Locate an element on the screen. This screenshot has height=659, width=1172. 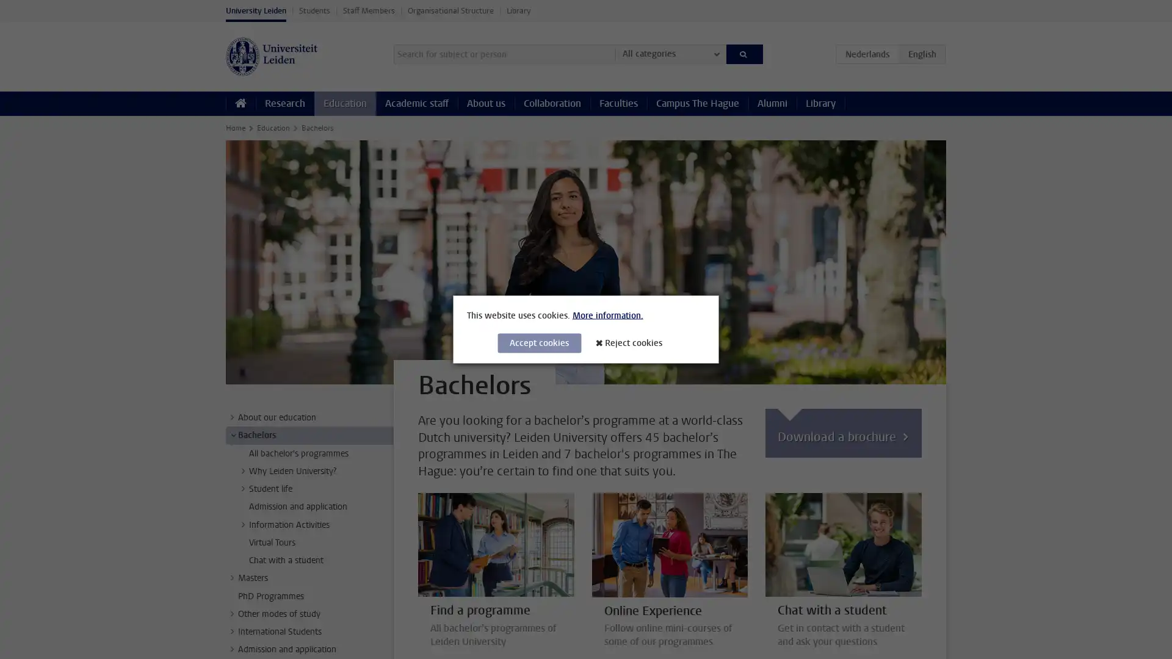
> is located at coordinates (232, 577).